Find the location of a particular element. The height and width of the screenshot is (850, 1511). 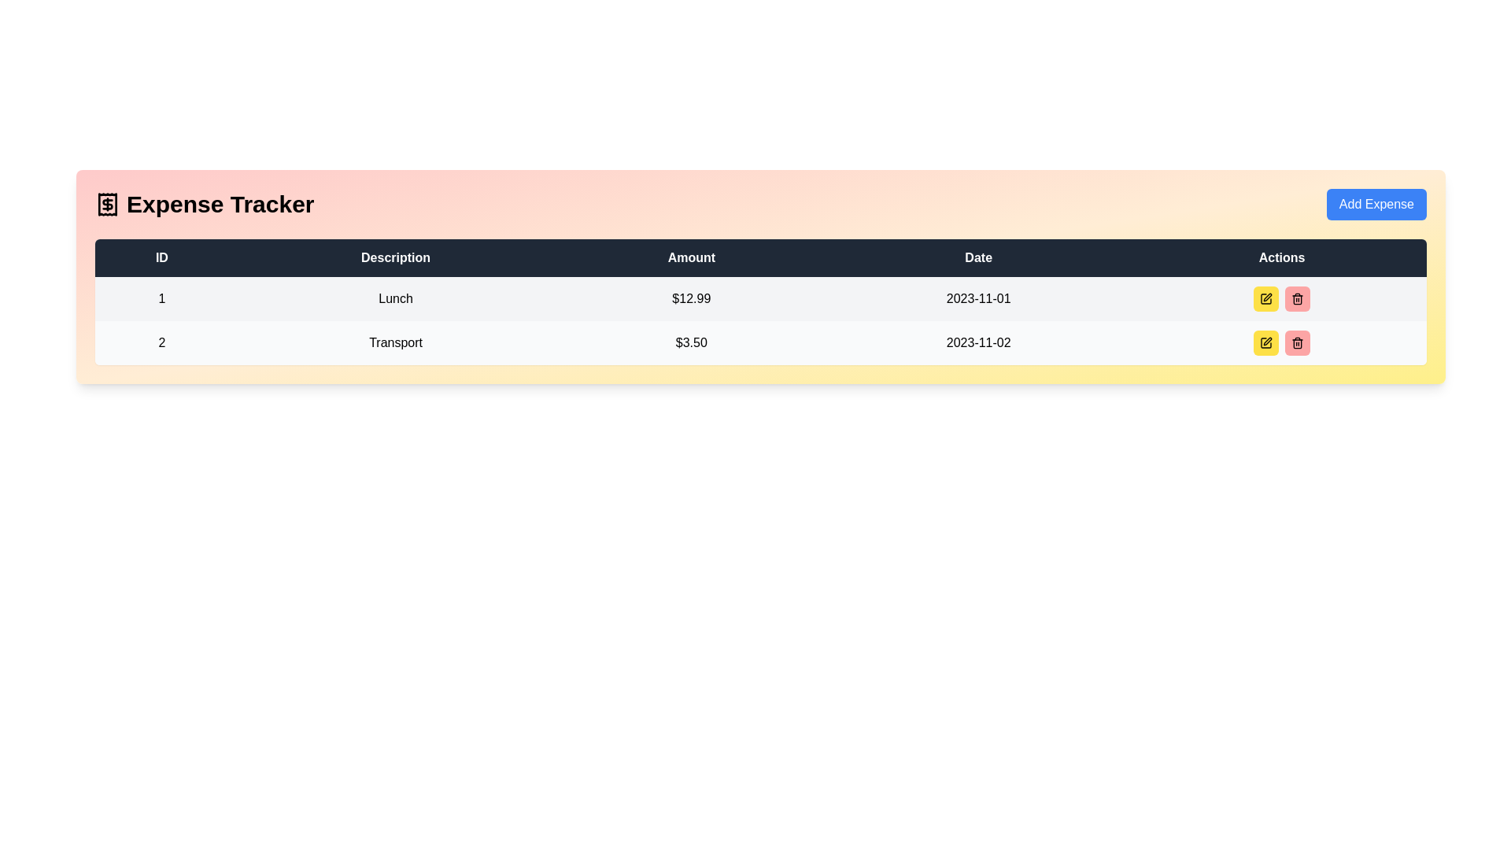

the yellow edit button within the 'Actions' column of the table for the entry described as 'Lunch' with an amount of '$12.99' is located at coordinates (1282, 299).